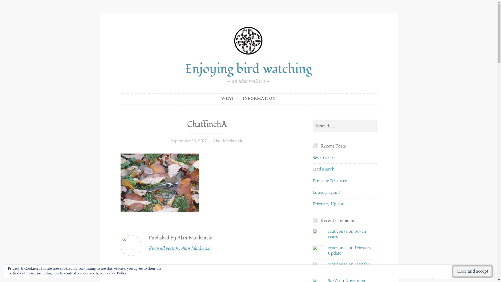 The width and height of the screenshot is (501, 282). Describe the element at coordinates (248, 68) in the screenshot. I see `'Enjoying bird watching'` at that location.